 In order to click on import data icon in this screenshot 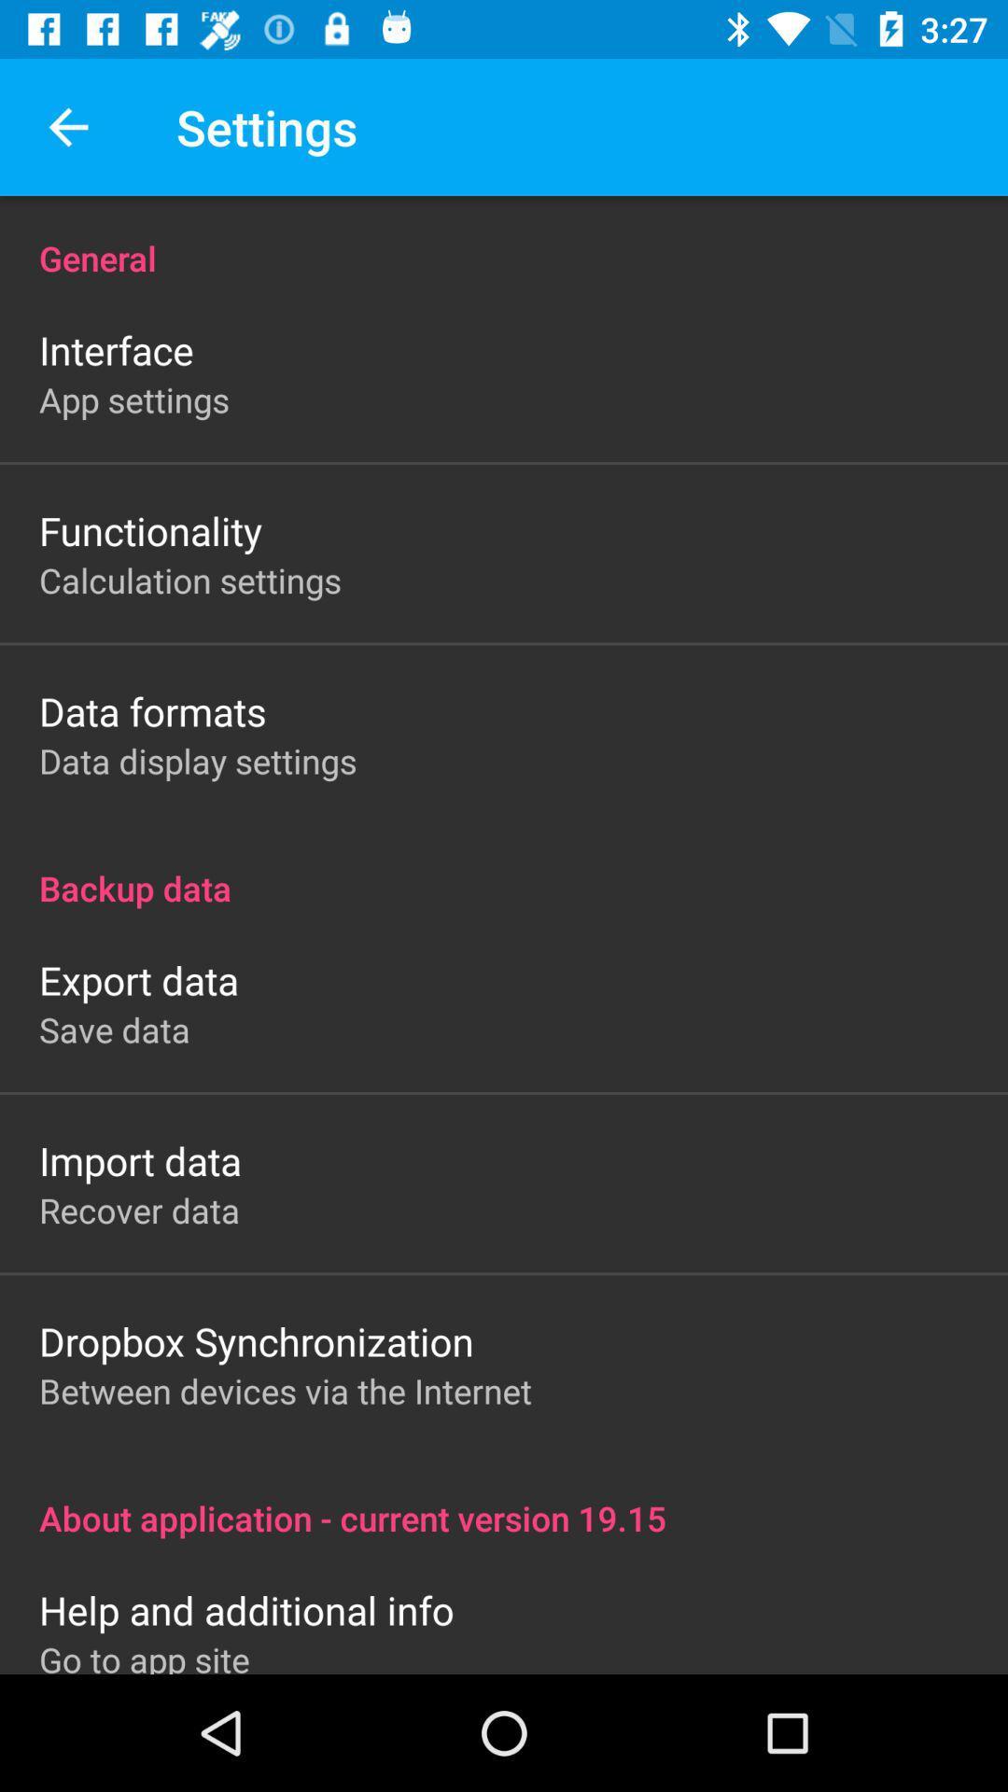, I will do `click(139, 1159)`.